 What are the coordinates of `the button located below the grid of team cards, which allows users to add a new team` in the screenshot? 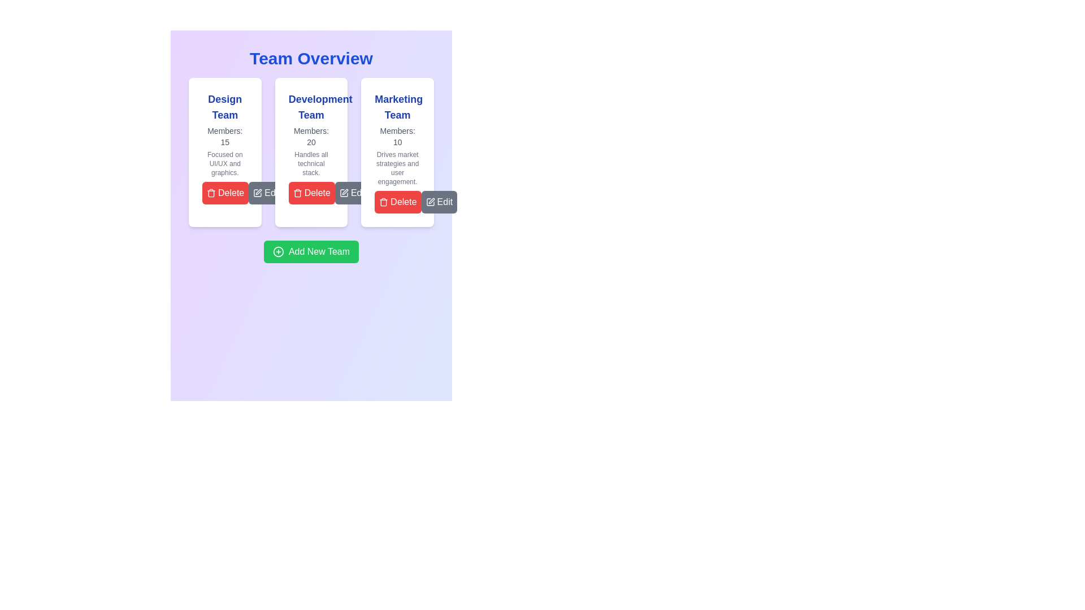 It's located at (311, 251).